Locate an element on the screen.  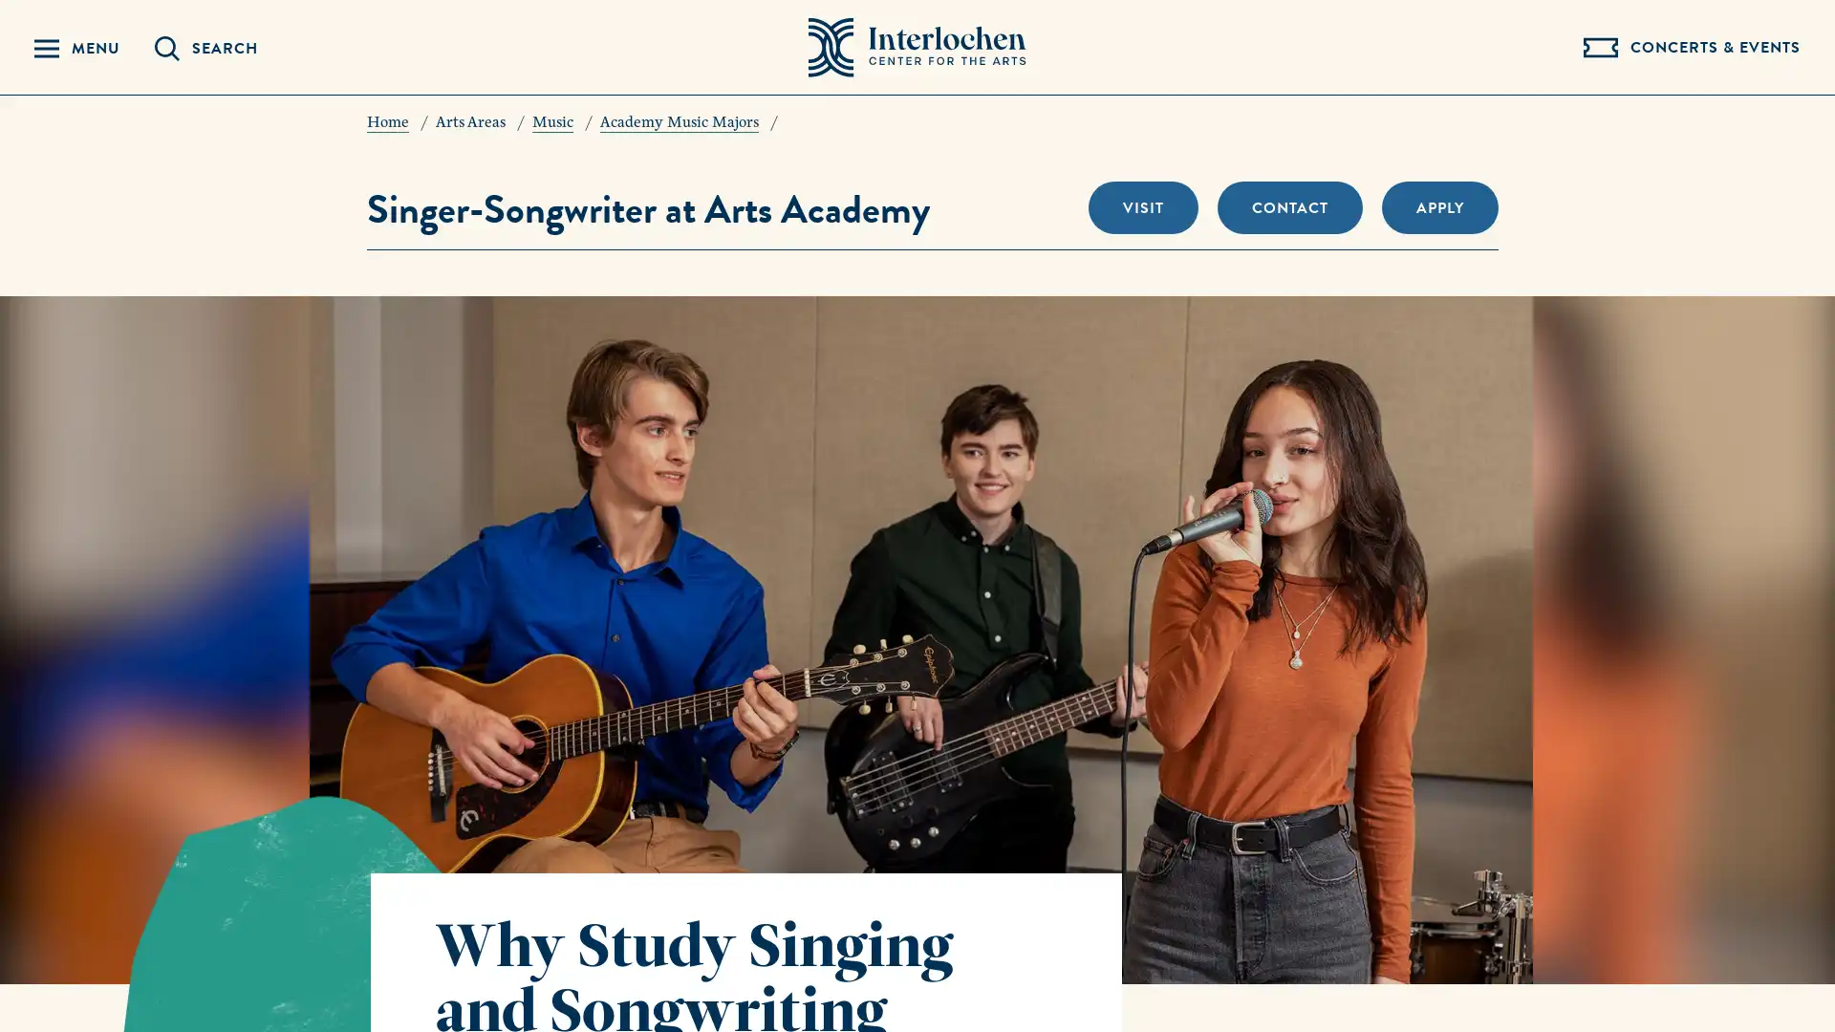
Reveal Search is located at coordinates (206, 47).